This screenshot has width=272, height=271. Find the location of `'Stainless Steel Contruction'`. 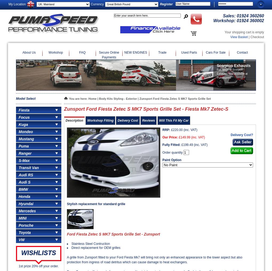

'Stainless Steel Contruction' is located at coordinates (90, 243).